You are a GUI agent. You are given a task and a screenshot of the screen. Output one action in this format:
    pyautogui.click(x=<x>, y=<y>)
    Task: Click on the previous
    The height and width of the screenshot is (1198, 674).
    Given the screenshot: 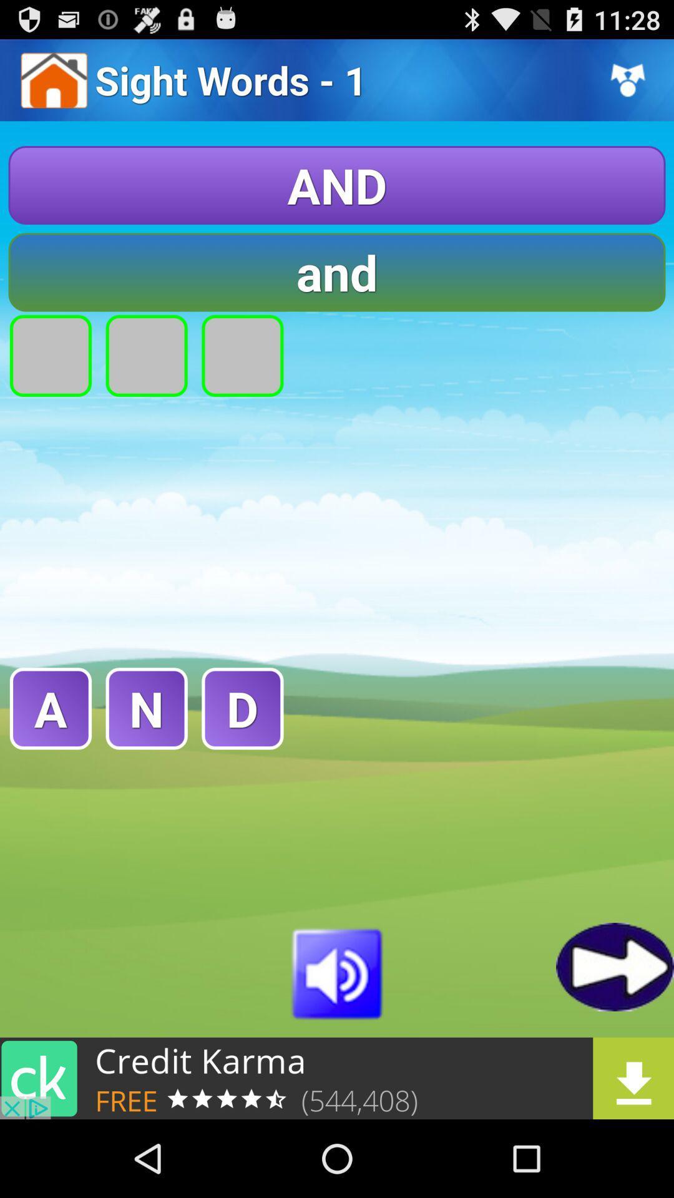 What is the action you would take?
    pyautogui.click(x=614, y=966)
    